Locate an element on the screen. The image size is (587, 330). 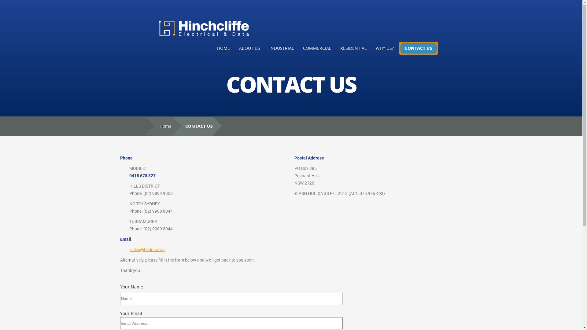
'sales@hednsw.au' is located at coordinates (147, 250).